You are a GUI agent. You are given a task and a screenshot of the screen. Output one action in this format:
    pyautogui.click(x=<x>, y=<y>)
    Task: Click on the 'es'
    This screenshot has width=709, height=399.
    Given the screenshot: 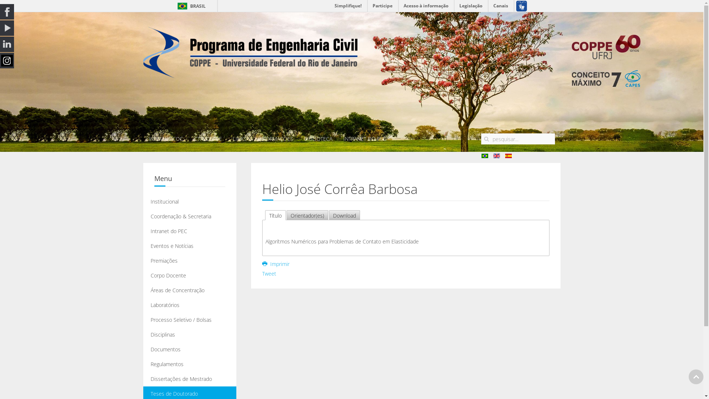 What is the action you would take?
    pyautogui.click(x=508, y=155)
    